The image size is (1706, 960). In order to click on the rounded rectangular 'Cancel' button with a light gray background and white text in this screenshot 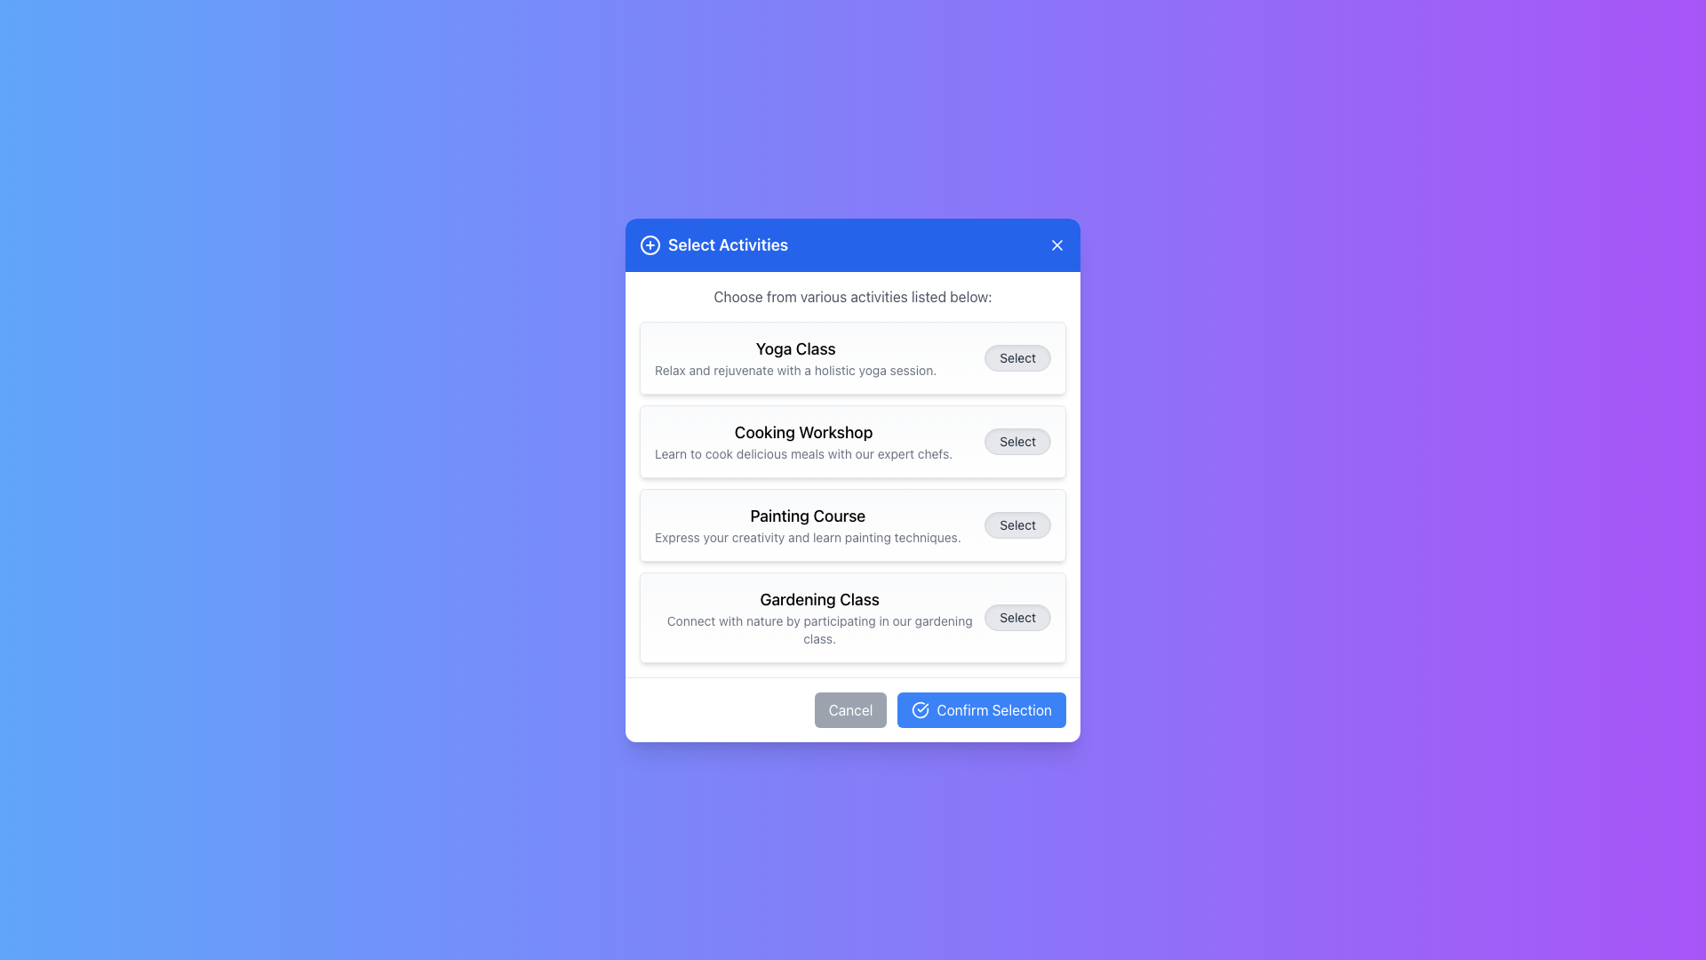, I will do `click(849, 708)`.